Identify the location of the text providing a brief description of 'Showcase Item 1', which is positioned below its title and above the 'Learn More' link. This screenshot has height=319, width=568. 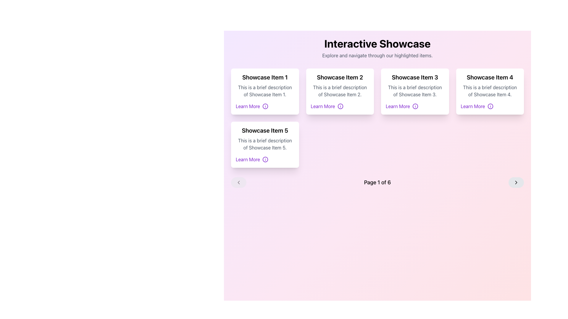
(264, 91).